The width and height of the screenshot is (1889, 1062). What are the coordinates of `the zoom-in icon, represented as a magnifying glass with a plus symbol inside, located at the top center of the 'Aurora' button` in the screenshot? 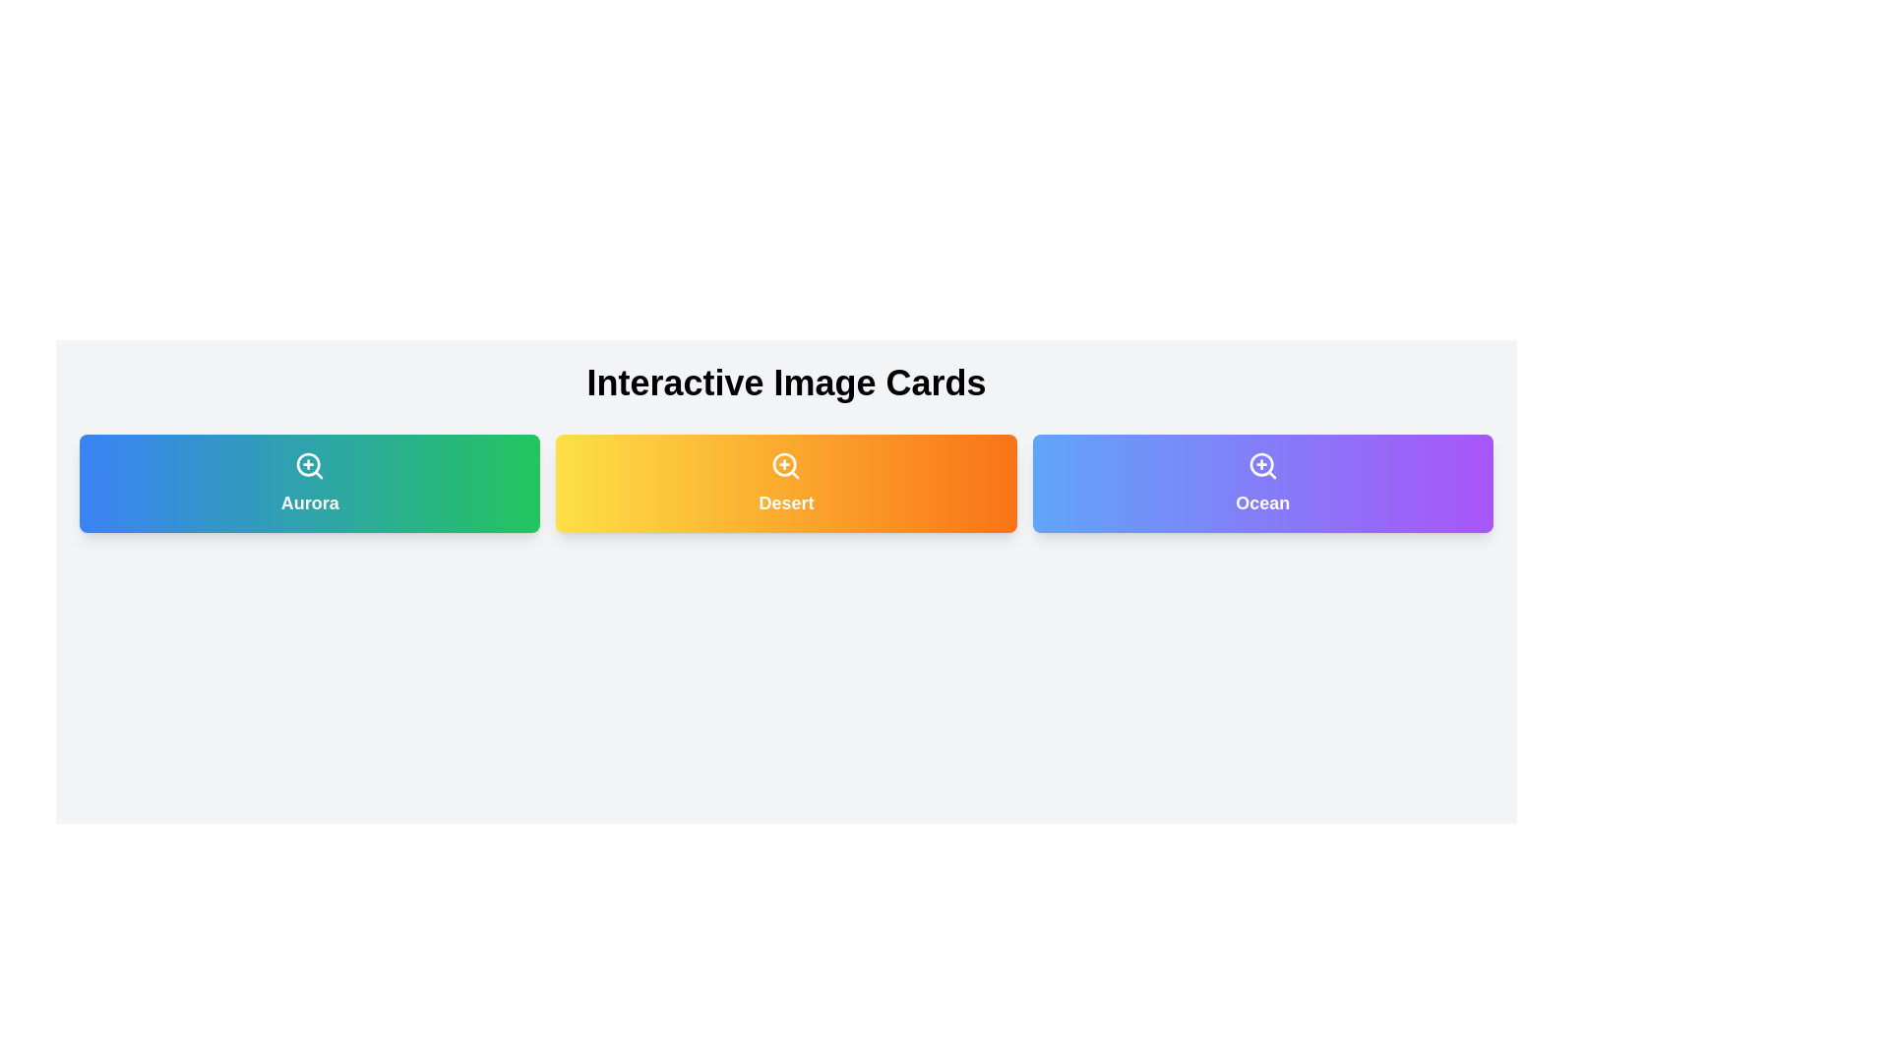 It's located at (309, 466).